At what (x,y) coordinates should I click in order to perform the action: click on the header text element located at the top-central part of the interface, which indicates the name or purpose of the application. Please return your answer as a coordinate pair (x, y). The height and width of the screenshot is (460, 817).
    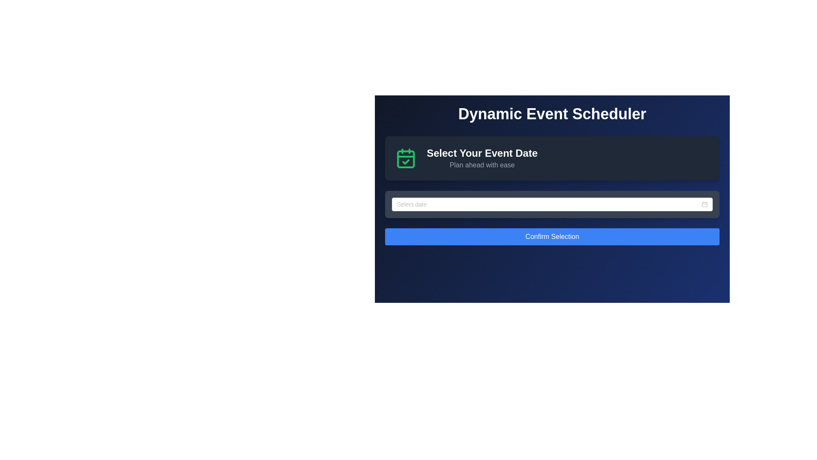
    Looking at the image, I should click on (552, 113).